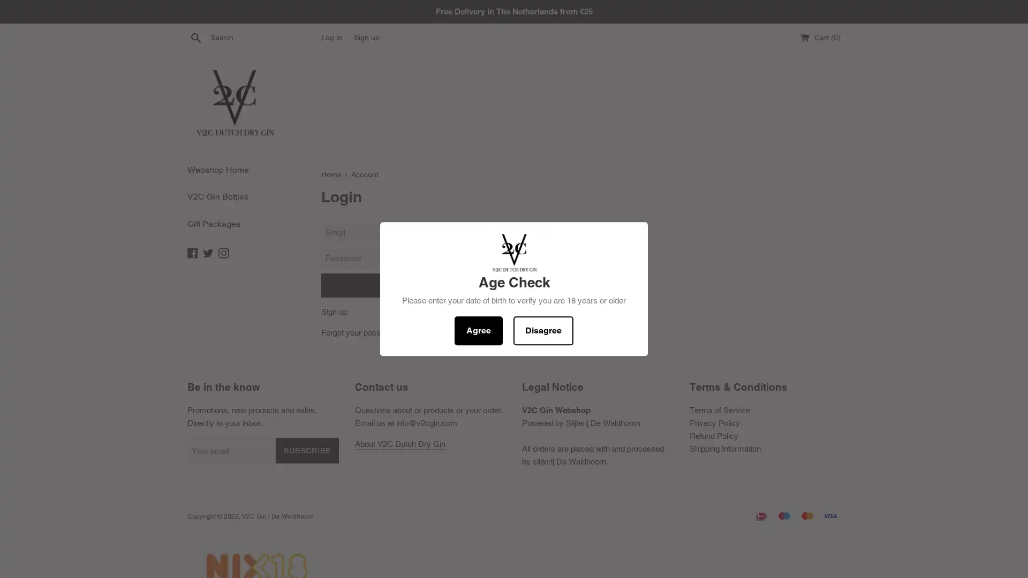  What do you see at coordinates (543, 330) in the screenshot?
I see `Disagree` at bounding box center [543, 330].